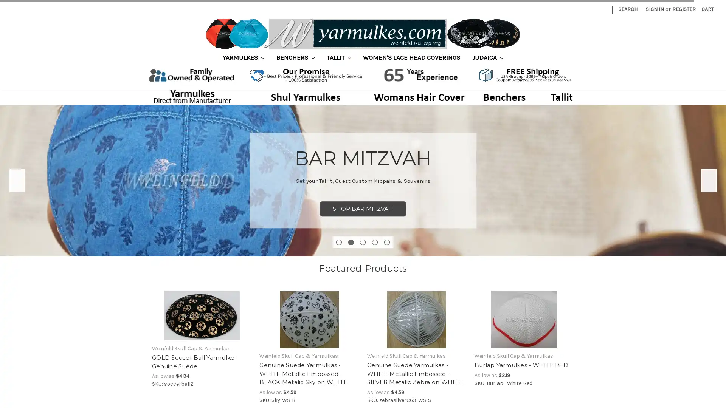 Image resolution: width=726 pixels, height=408 pixels. I want to click on 2, so click(350, 242).